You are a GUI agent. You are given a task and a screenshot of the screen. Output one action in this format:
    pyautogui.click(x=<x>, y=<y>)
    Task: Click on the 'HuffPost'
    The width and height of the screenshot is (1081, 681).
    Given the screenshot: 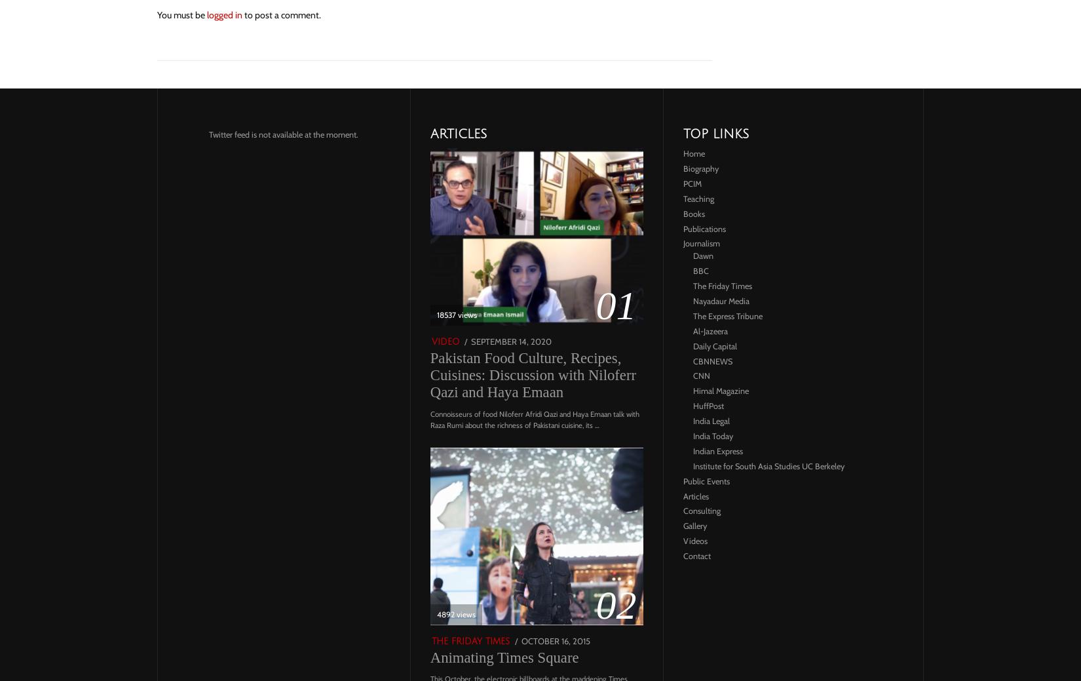 What is the action you would take?
    pyautogui.click(x=692, y=406)
    